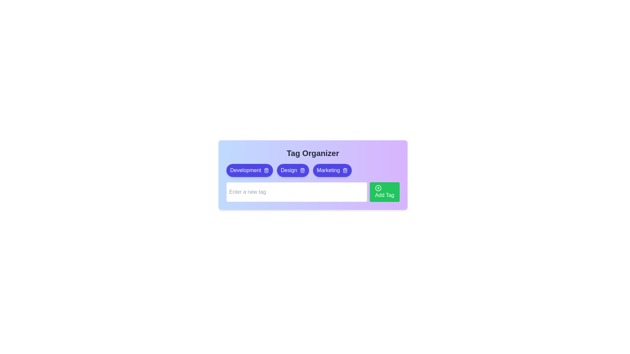 The image size is (630, 354). What do you see at coordinates (266, 170) in the screenshot?
I see `the delete icon button located at the right end of the 'Development' tag` at bounding box center [266, 170].